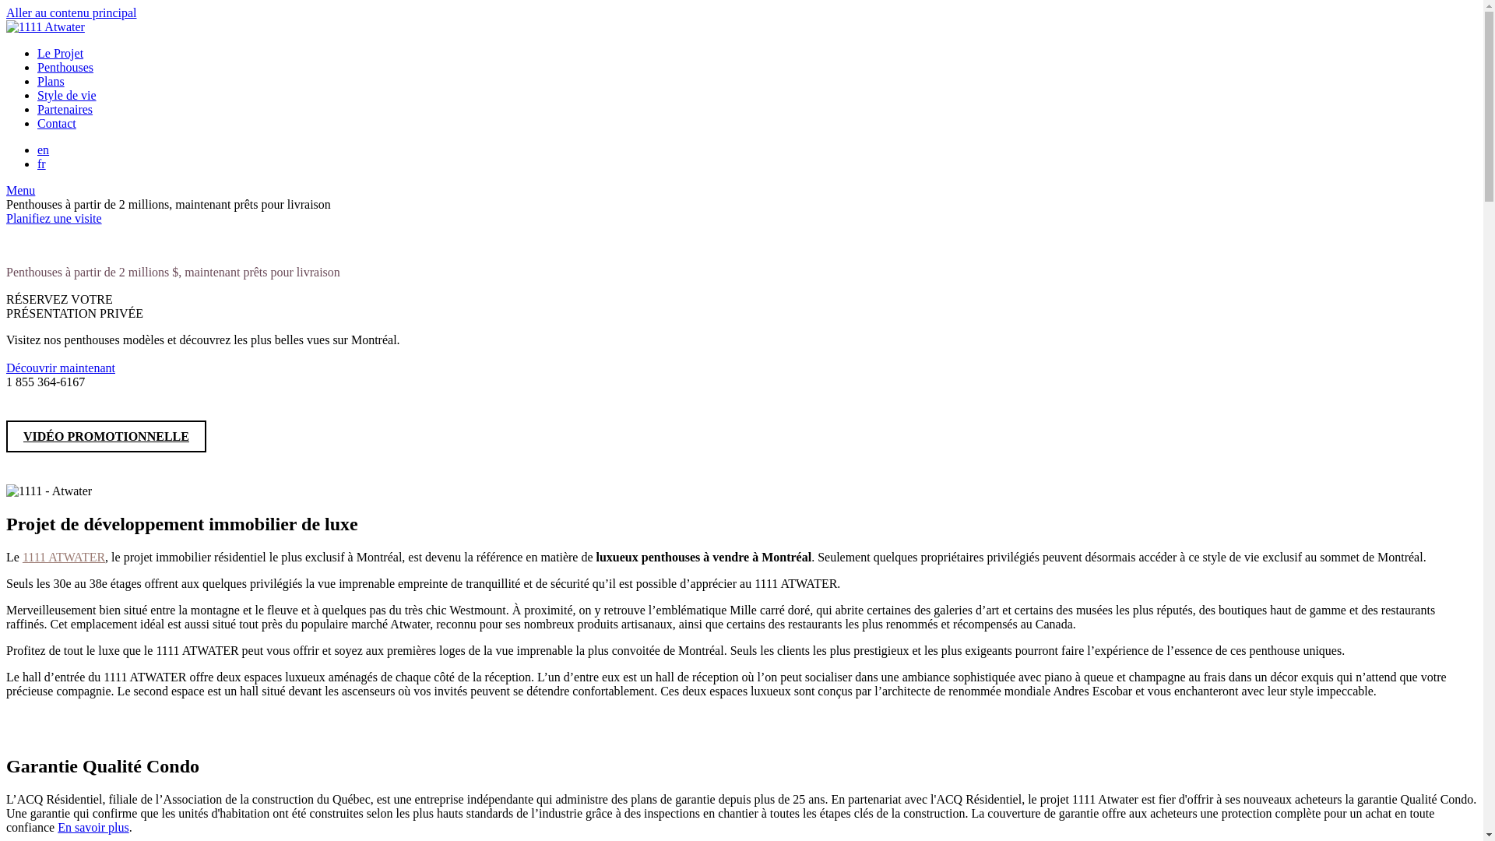 The image size is (1495, 841). What do you see at coordinates (70, 12) in the screenshot?
I see `'Aller au contenu principal'` at bounding box center [70, 12].